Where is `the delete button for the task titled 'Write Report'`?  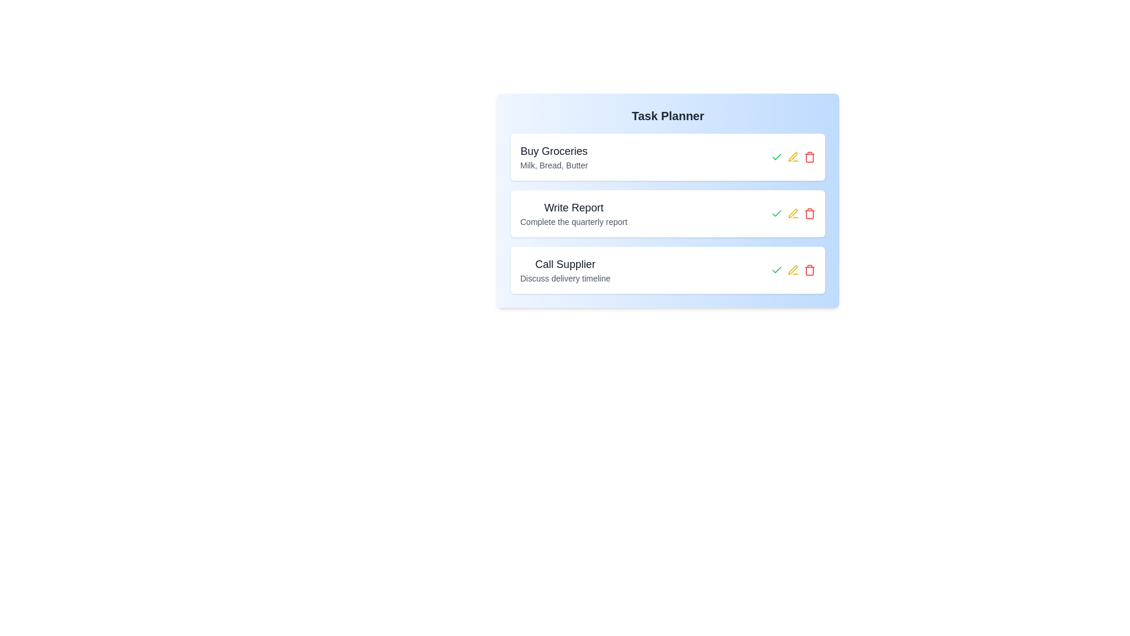
the delete button for the task titled 'Write Report' is located at coordinates (809, 213).